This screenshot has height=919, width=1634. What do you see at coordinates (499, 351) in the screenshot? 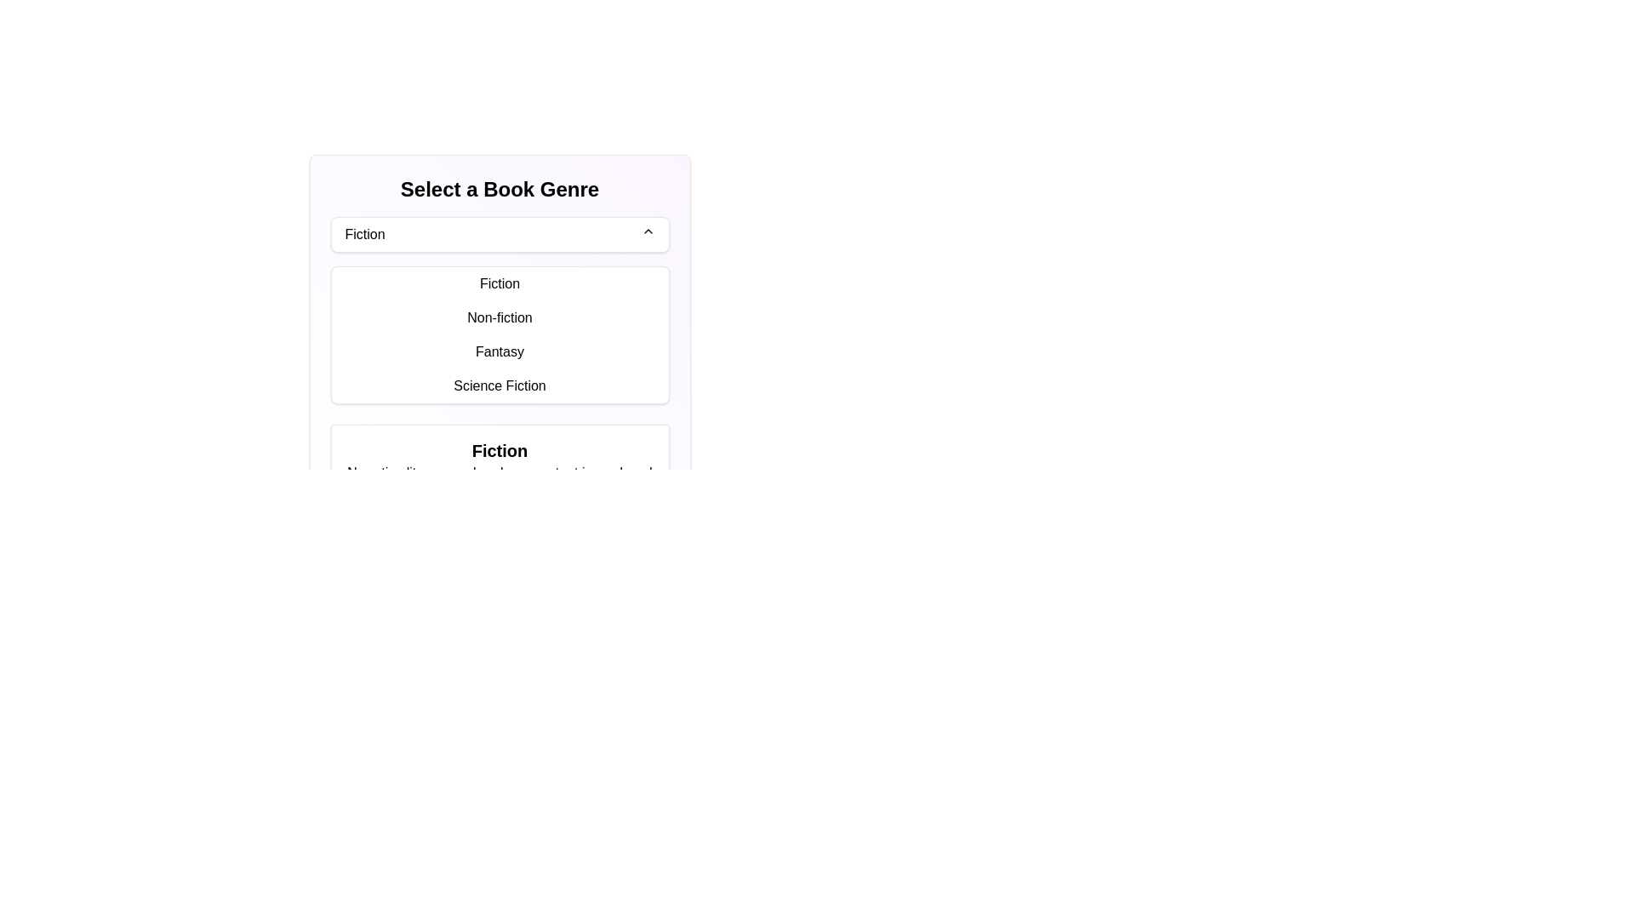
I see `the 'Fantasy' text item` at bounding box center [499, 351].